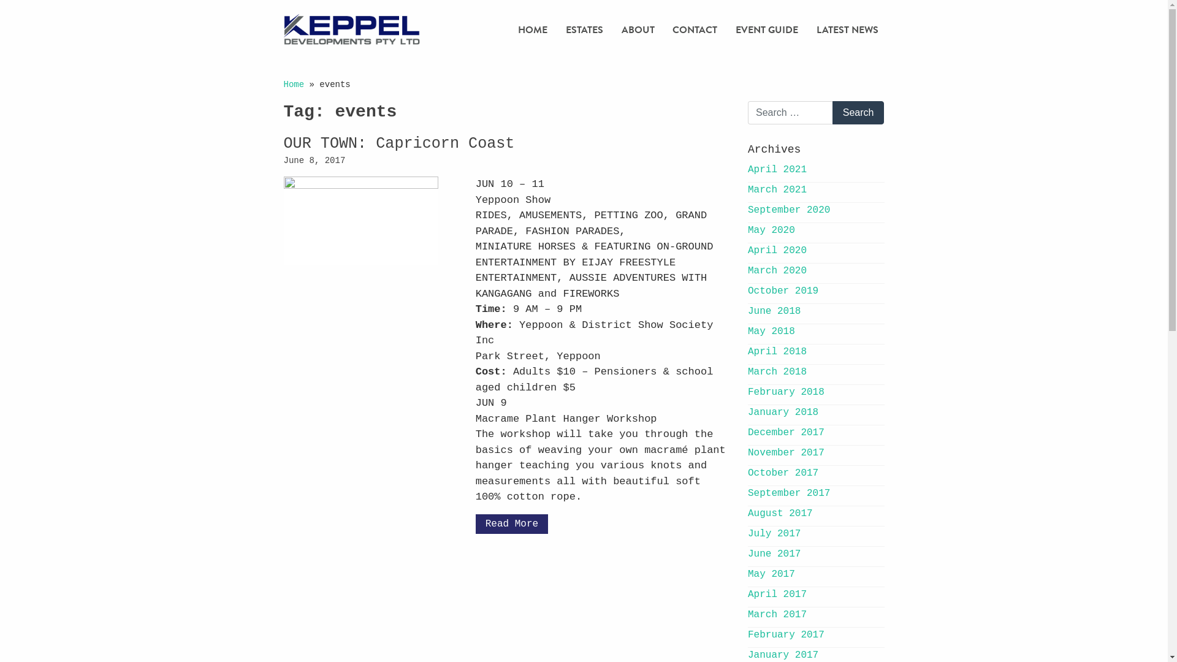 This screenshot has width=1177, height=662. I want to click on 'June 2017', so click(773, 554).